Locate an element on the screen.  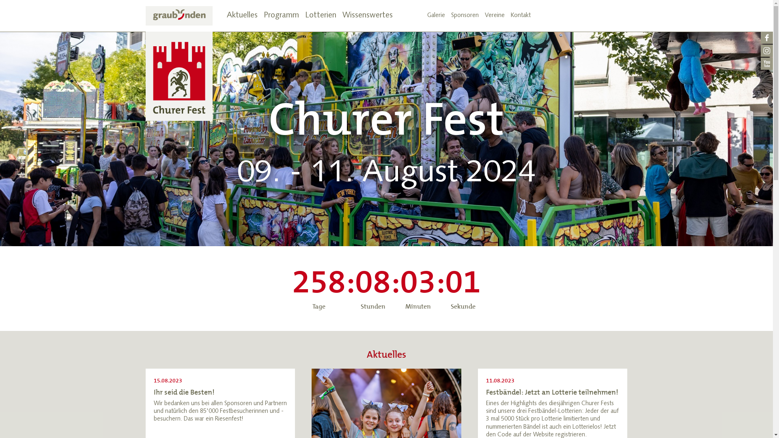
'Werde ein Fan auf Facebook' is located at coordinates (766, 38).